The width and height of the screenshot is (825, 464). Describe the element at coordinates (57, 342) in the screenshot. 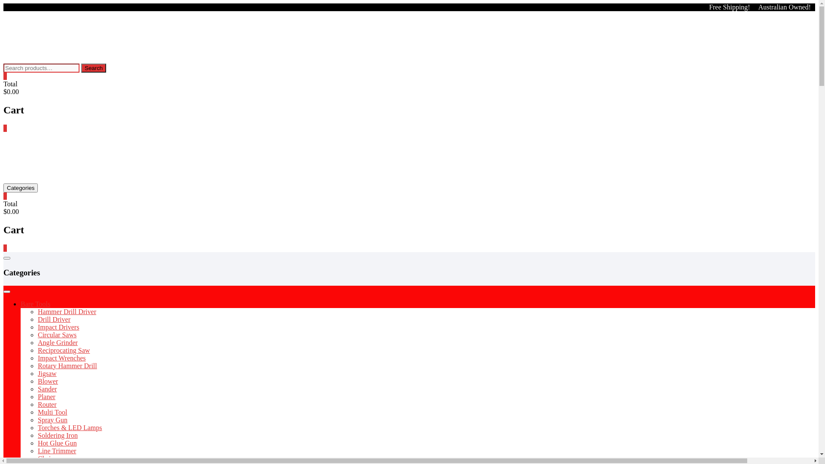

I see `'Angle Grinder'` at that location.